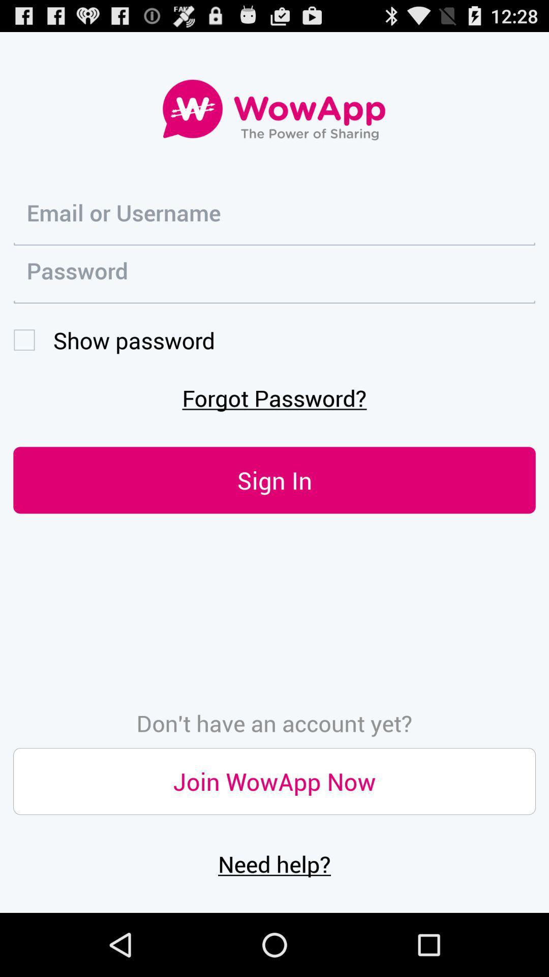 The width and height of the screenshot is (549, 977). Describe the element at coordinates (274, 781) in the screenshot. I see `icon below the don t have icon` at that location.